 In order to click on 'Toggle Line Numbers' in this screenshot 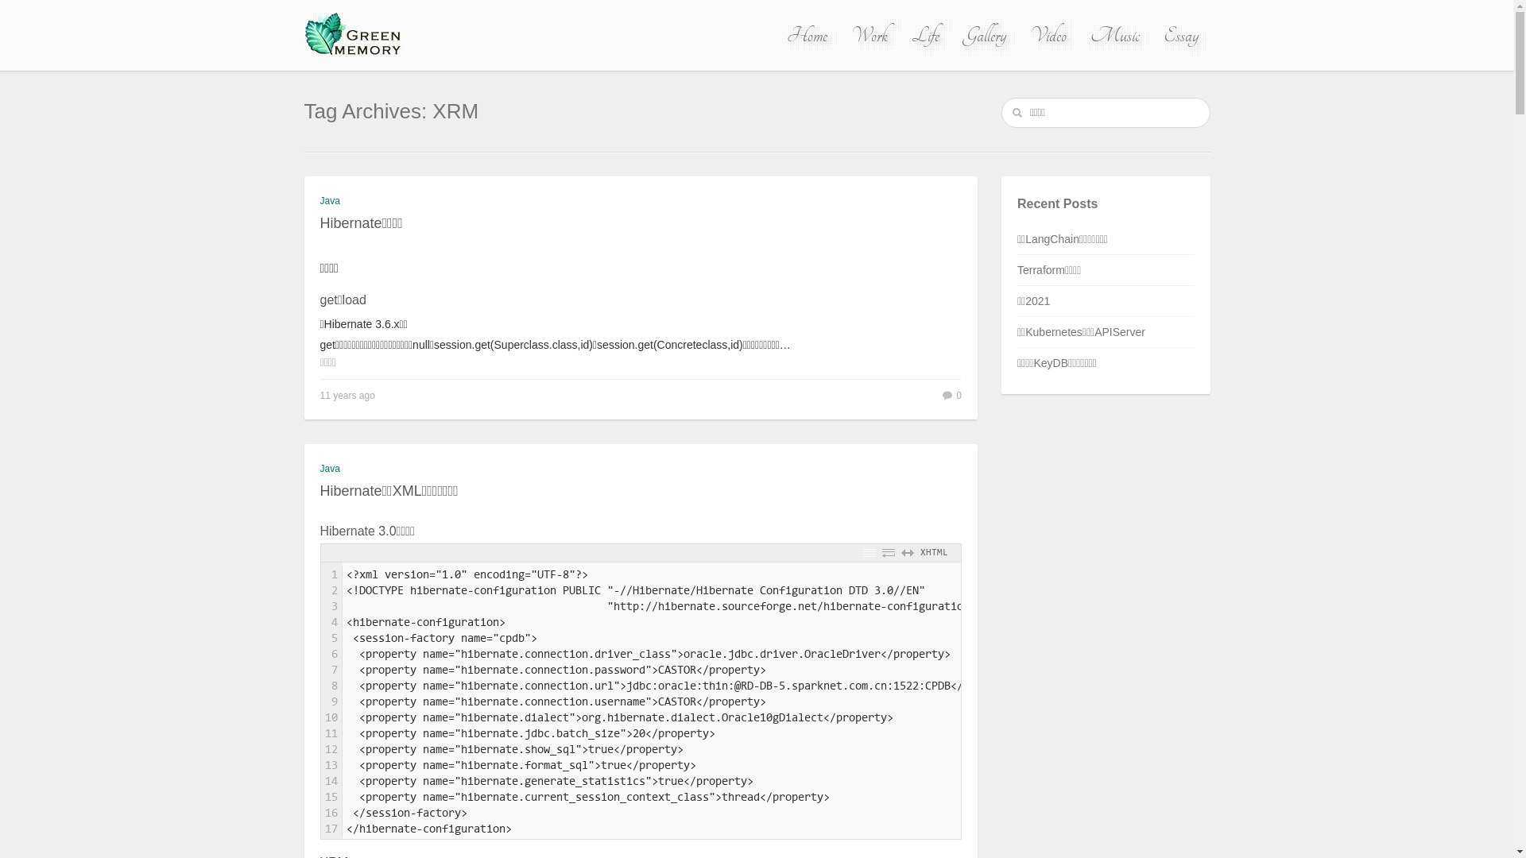, I will do `click(869, 552)`.